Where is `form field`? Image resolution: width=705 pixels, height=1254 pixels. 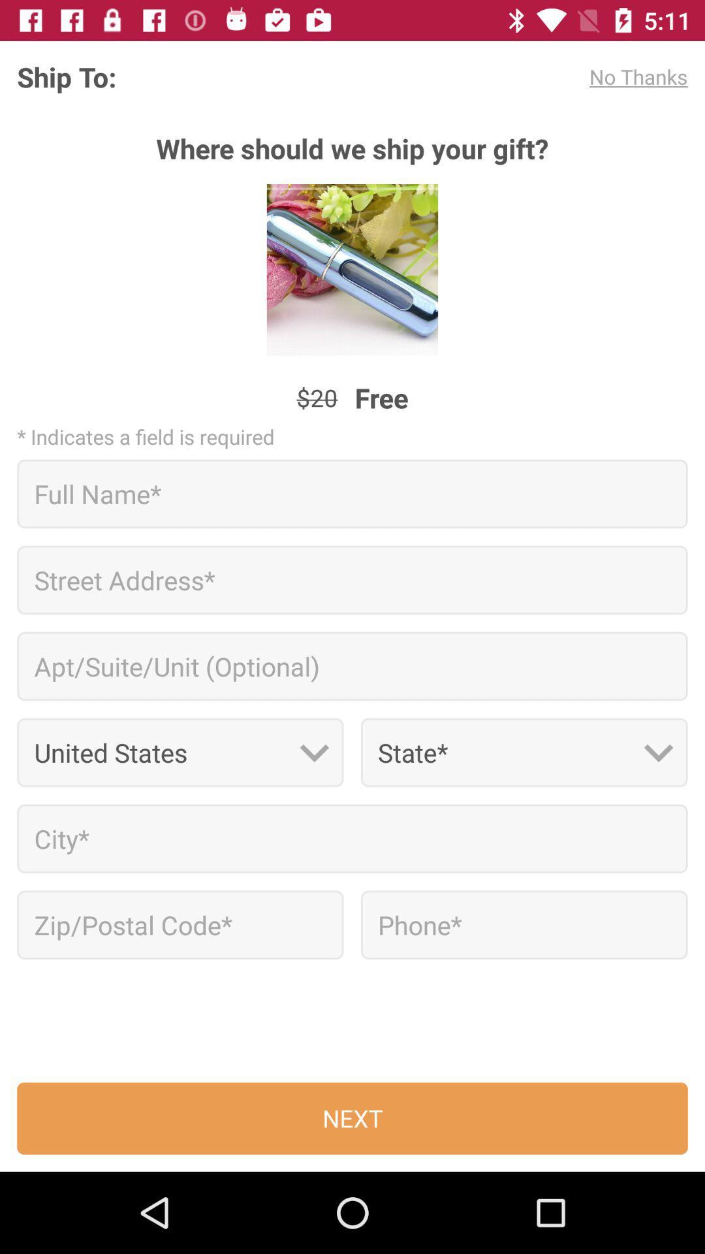
form field is located at coordinates (352, 839).